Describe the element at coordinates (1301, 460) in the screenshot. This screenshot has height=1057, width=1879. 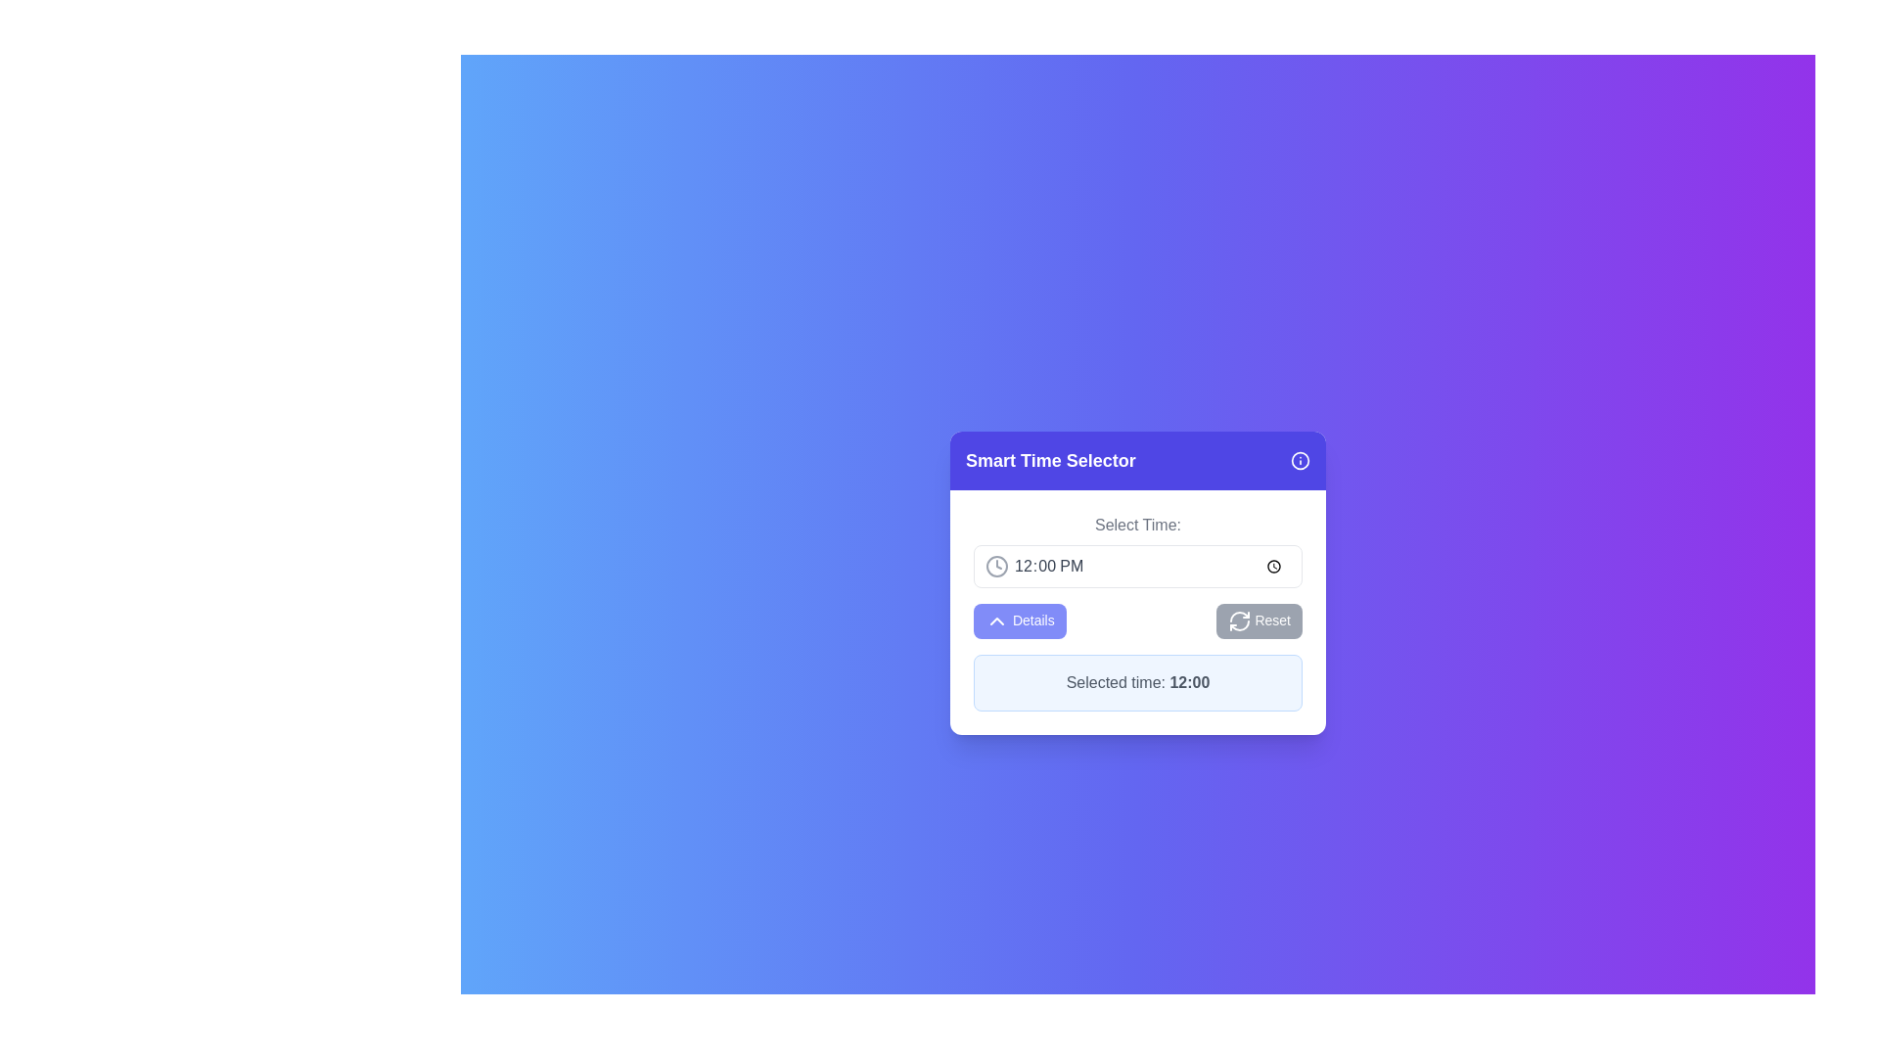
I see `the informational icon located beside the text 'Smart Time Selector' in the top-right corner of the purple header section` at that location.